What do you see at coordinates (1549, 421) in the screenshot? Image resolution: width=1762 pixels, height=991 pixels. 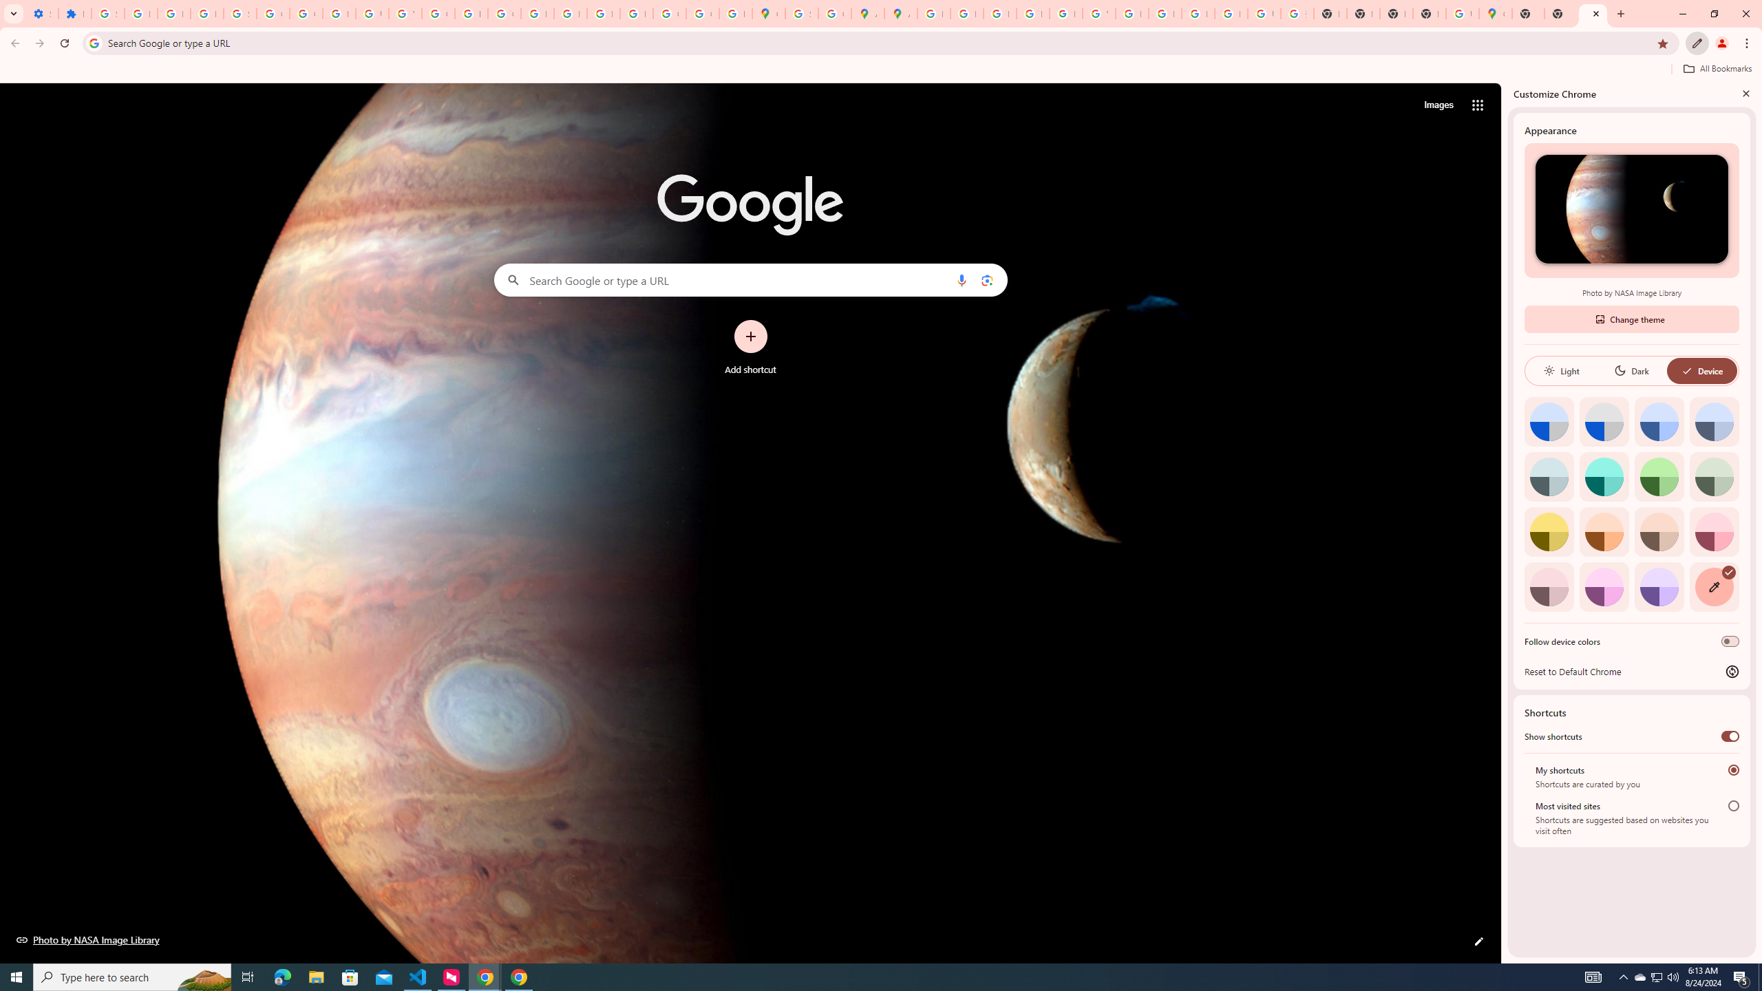 I see `'Default color'` at bounding box center [1549, 421].